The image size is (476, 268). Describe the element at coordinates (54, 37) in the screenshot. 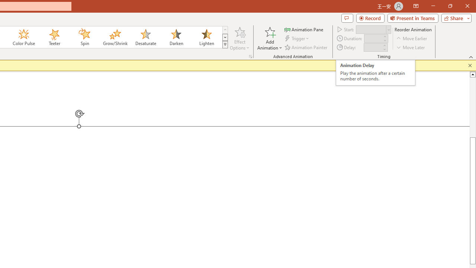

I see `'Teeter'` at that location.